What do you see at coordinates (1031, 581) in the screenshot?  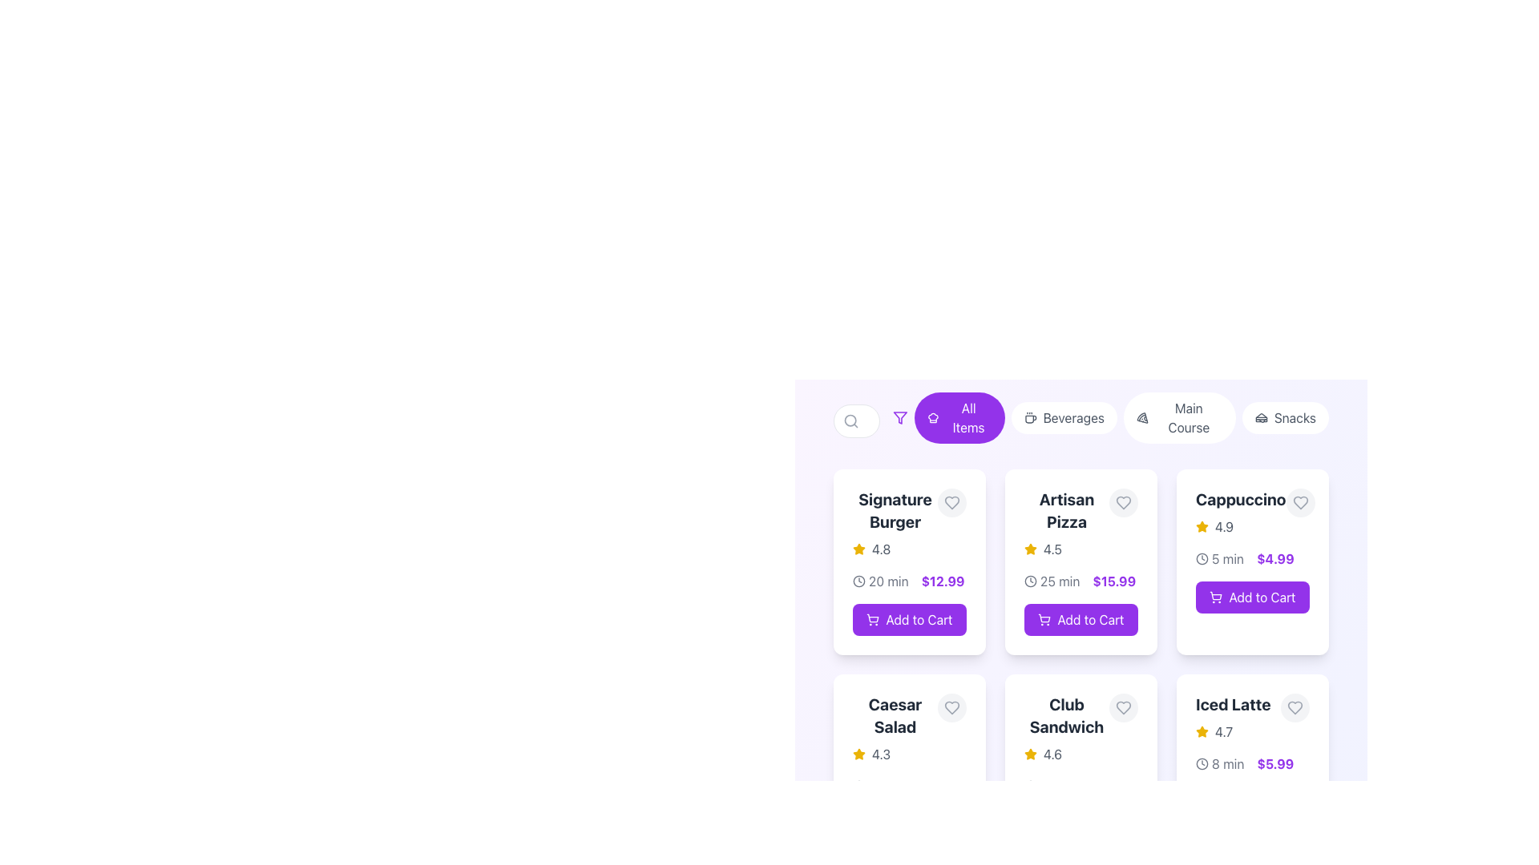 I see `the icon indicating the duration associated with the 'Artisan Pizza' offer, located to the left of the text '25 min' within the card section` at bounding box center [1031, 581].